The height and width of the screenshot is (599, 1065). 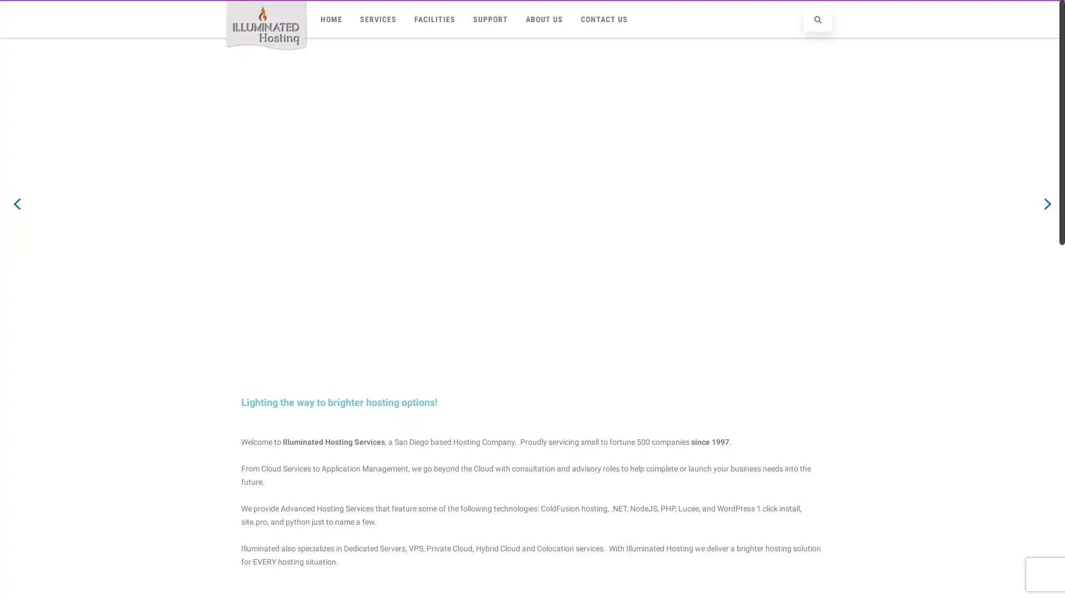 I want to click on previous arrow, so click(x=17, y=204).